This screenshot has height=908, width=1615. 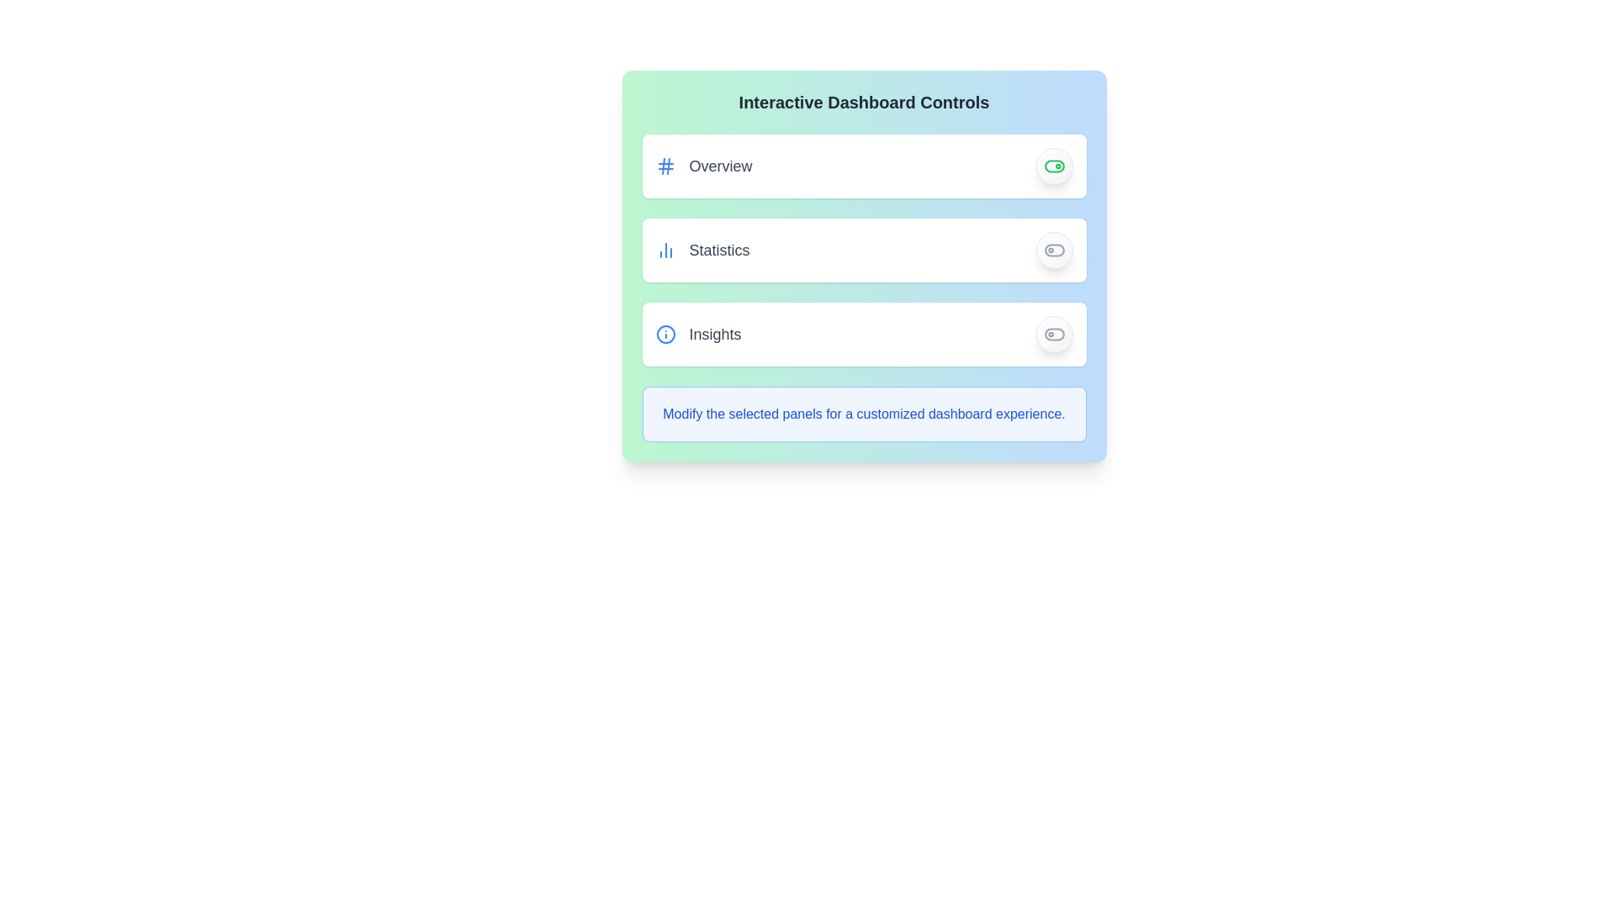 I want to click on the toggle switch styled as a rounded and gradient-filled button located in the right-most part of the second section labeled 'Statistics', so click(x=1053, y=250).